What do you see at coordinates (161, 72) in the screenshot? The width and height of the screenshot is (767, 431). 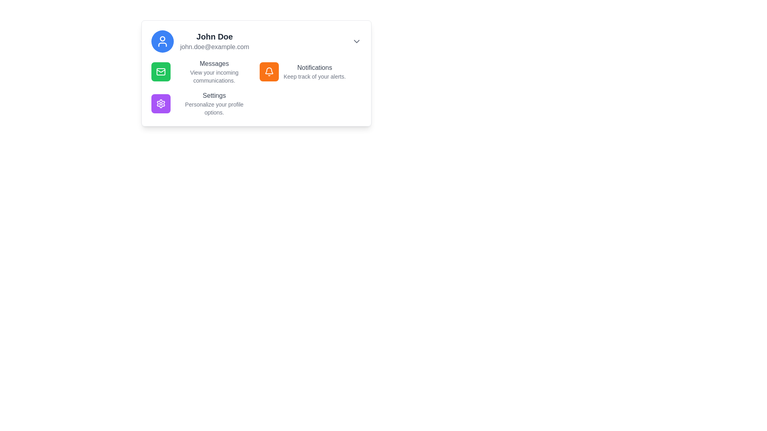 I see `the green rectangular icon with rounded edges that contains a white mail envelope, located in the 'Messages' section, to the left of the text 'Messages View your incoming communications.'` at bounding box center [161, 72].